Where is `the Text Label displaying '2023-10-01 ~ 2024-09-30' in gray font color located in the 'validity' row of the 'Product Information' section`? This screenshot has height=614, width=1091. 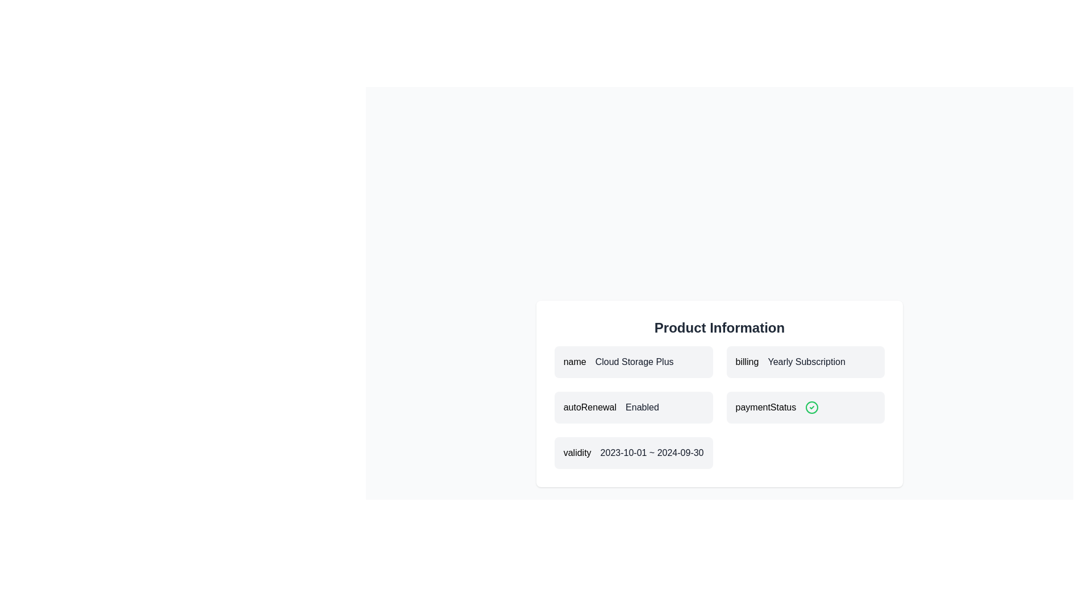
the Text Label displaying '2023-10-01 ~ 2024-09-30' in gray font color located in the 'validity' row of the 'Product Information' section is located at coordinates (652, 452).